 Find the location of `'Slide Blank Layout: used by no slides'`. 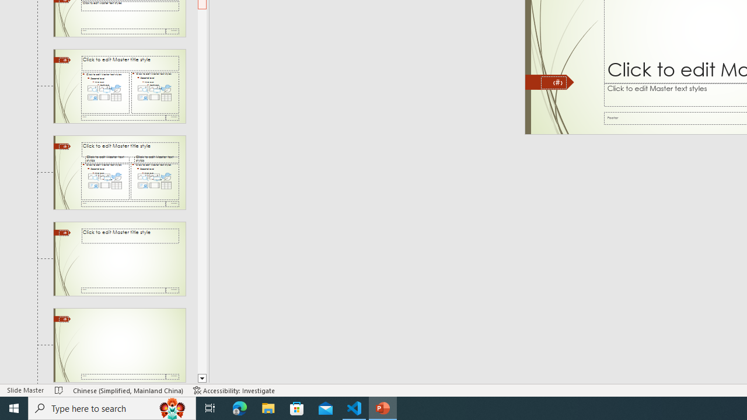

'Slide Blank Layout: used by no slides' is located at coordinates (119, 345).